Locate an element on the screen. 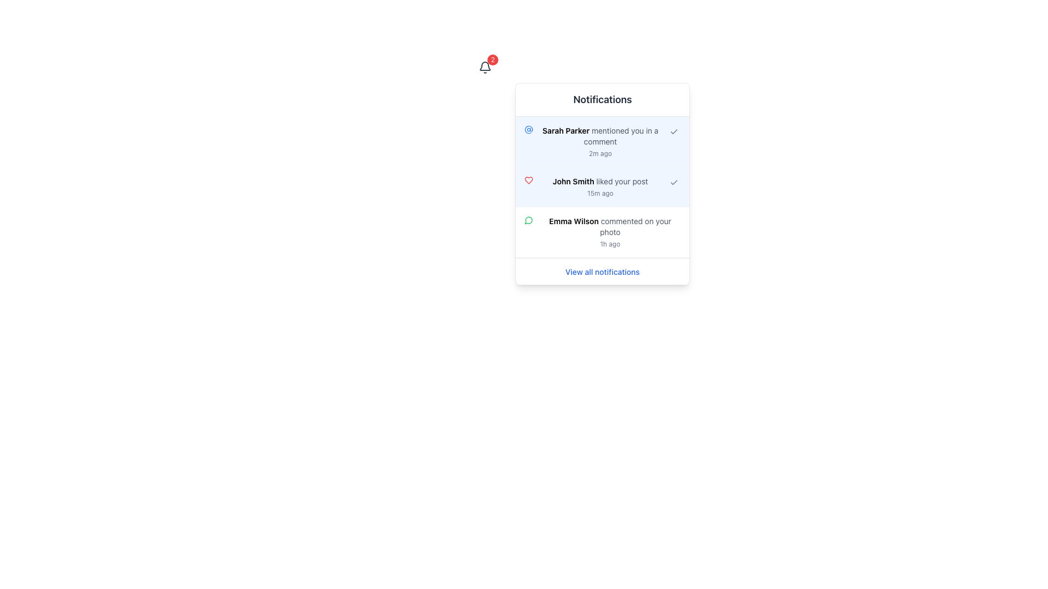 This screenshot has width=1048, height=589. the Label or Heading that serves as the title for the notification section, positioned at the top of the dropdown menu is located at coordinates (602, 99).